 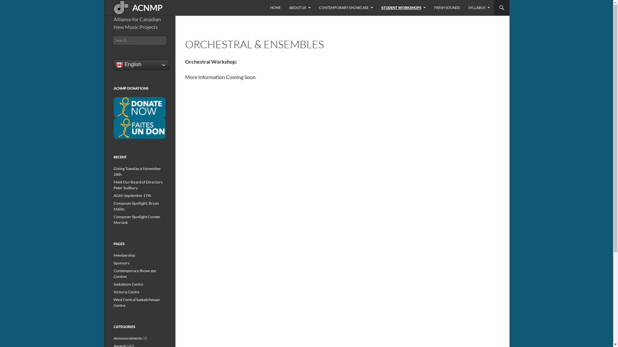 What do you see at coordinates (137, 185) in the screenshot?
I see `'Meet Our Board of Directors: Peter Sudbury'` at bounding box center [137, 185].